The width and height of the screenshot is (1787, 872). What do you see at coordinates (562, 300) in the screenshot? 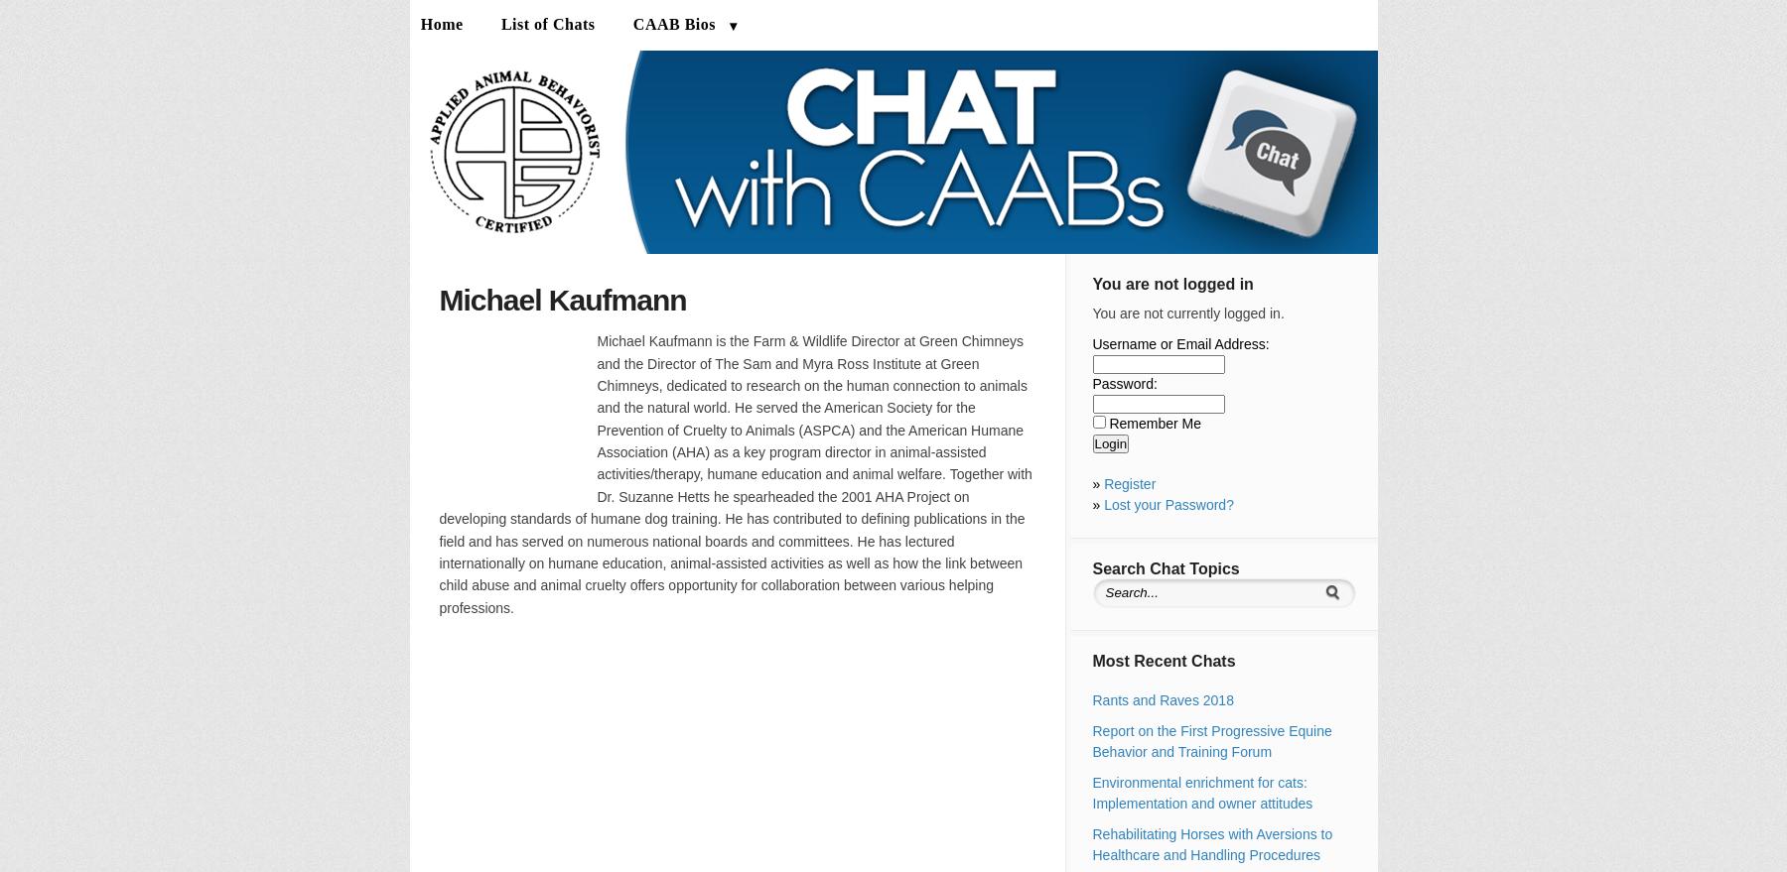
I see `'Michael Kaufmann'` at bounding box center [562, 300].